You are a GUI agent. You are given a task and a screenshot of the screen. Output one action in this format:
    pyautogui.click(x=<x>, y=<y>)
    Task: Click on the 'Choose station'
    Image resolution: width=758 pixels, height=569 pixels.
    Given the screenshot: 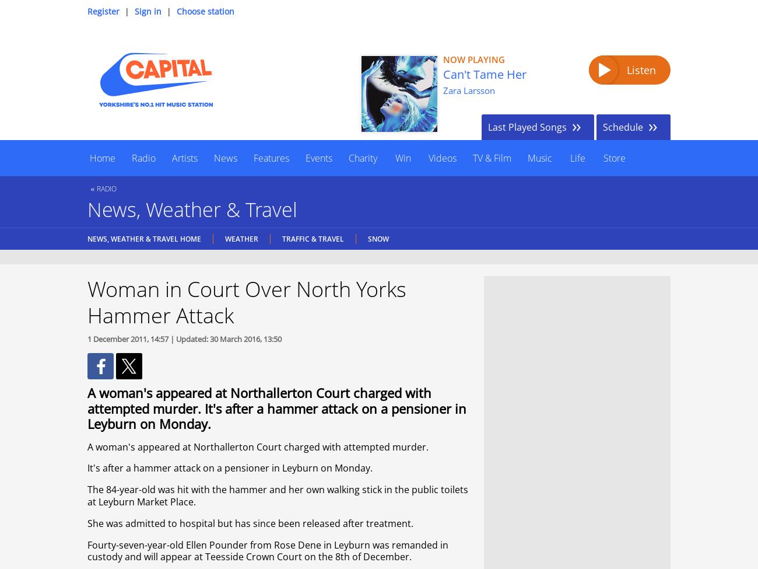 What is the action you would take?
    pyautogui.click(x=205, y=11)
    